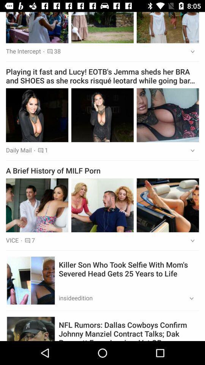 This screenshot has width=205, height=365. What do you see at coordinates (189, 298) in the screenshot?
I see `the icon at the bottom right corner` at bounding box center [189, 298].